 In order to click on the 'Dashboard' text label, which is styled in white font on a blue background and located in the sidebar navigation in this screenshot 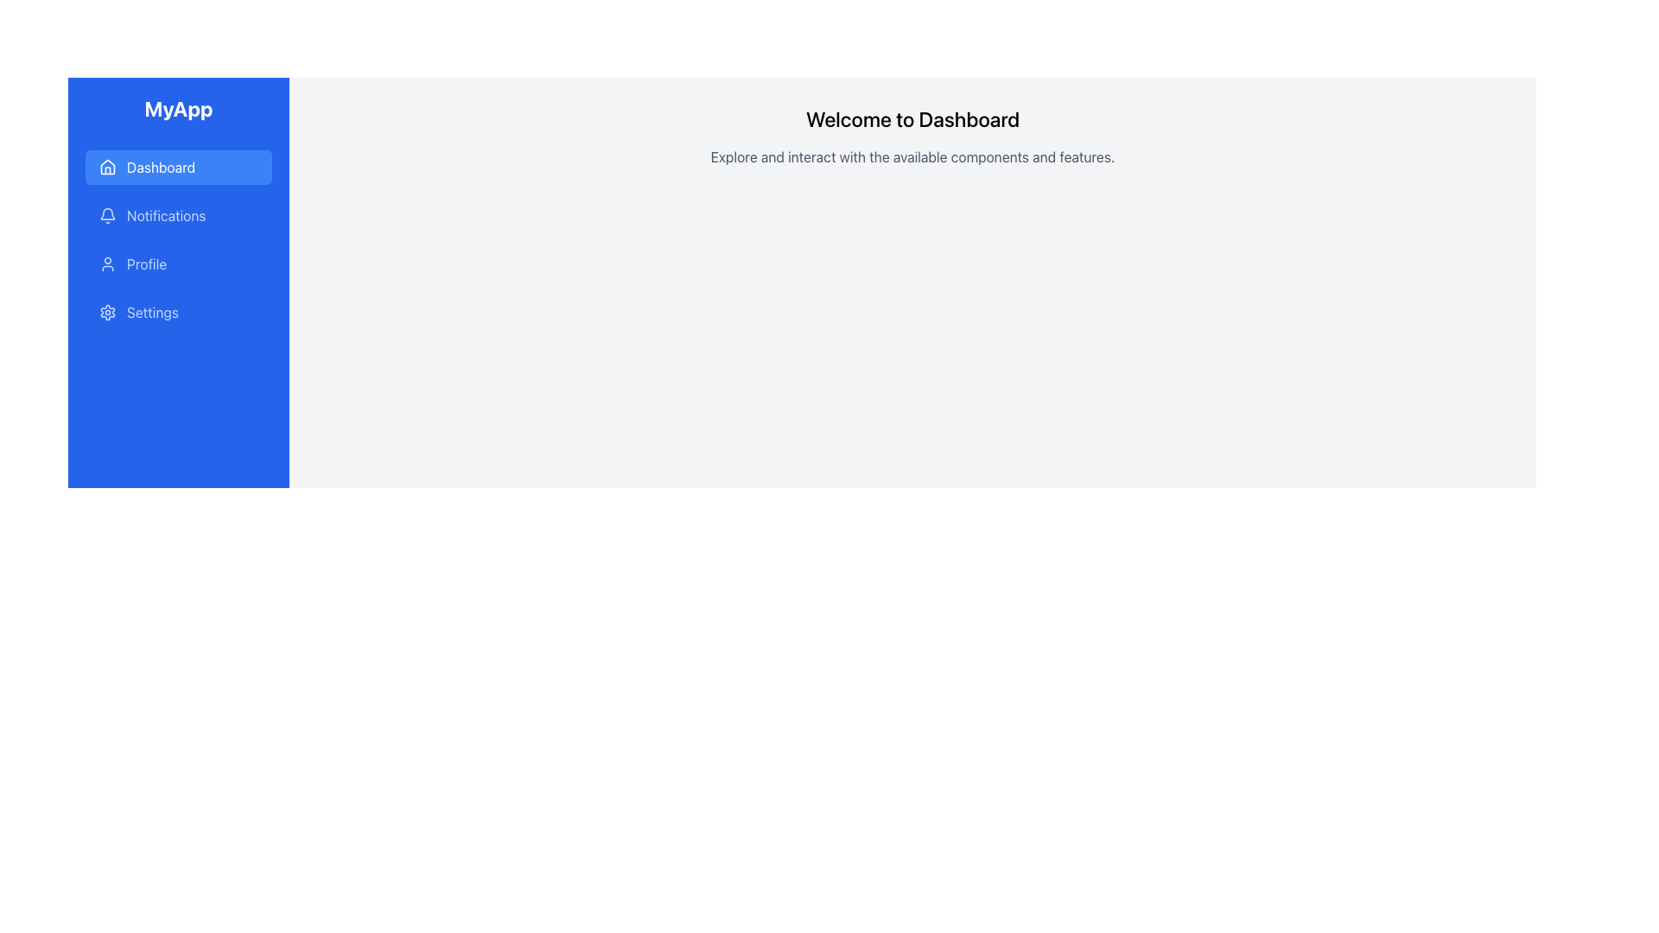, I will do `click(161, 167)`.